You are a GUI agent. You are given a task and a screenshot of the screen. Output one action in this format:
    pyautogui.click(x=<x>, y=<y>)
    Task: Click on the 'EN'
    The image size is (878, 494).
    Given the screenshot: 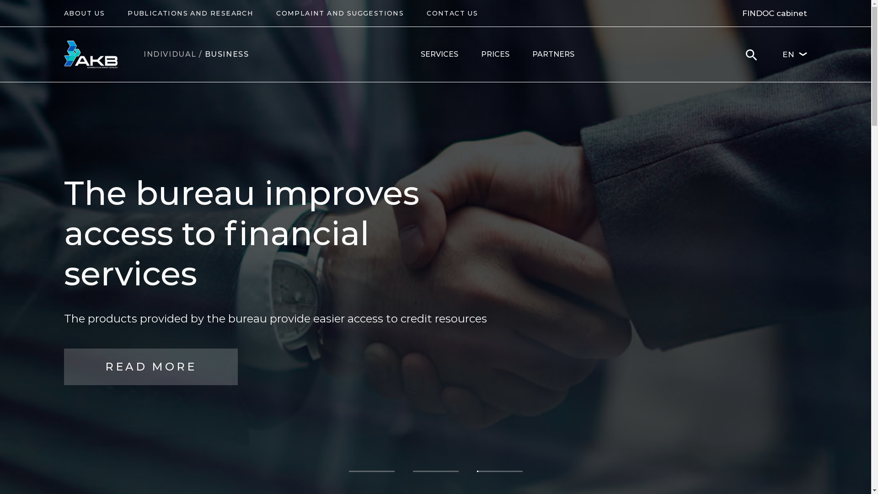 What is the action you would take?
    pyautogui.click(x=794, y=54)
    